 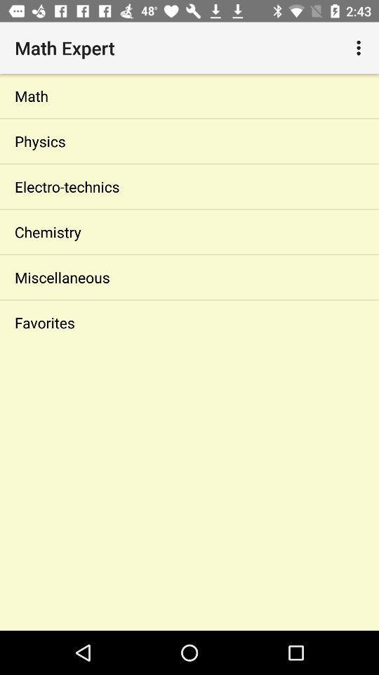 What do you see at coordinates (360, 48) in the screenshot?
I see `app above the math icon` at bounding box center [360, 48].